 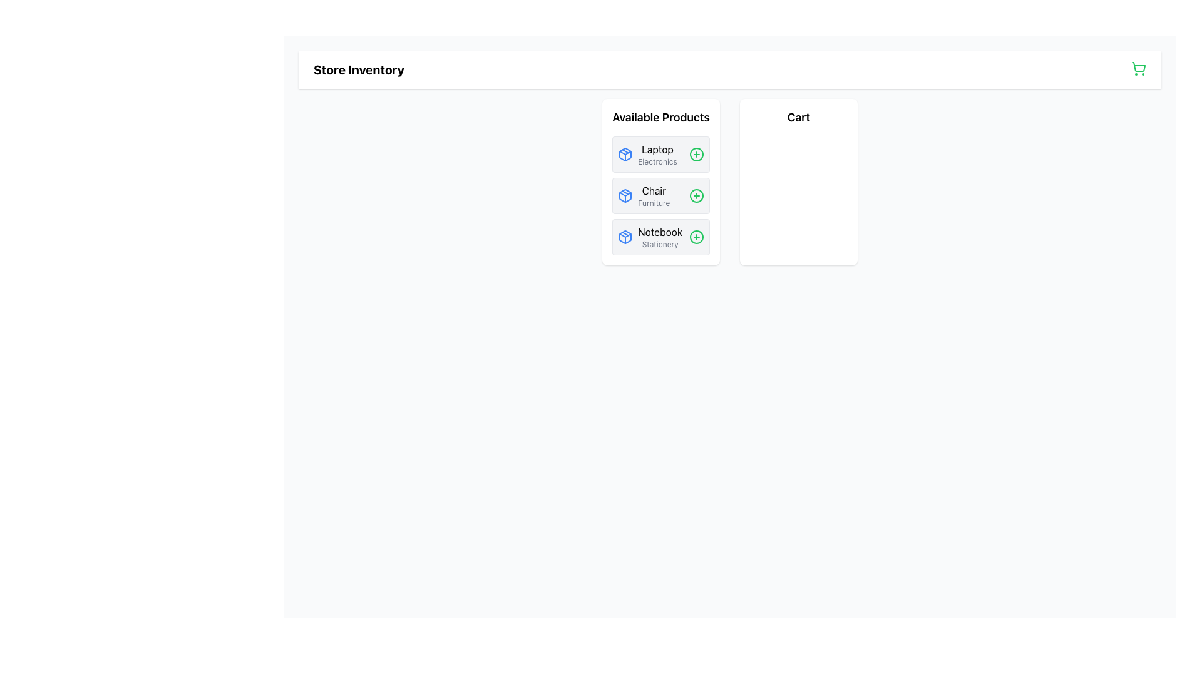 What do you see at coordinates (657, 149) in the screenshot?
I see `the text label displaying 'Laptop'` at bounding box center [657, 149].